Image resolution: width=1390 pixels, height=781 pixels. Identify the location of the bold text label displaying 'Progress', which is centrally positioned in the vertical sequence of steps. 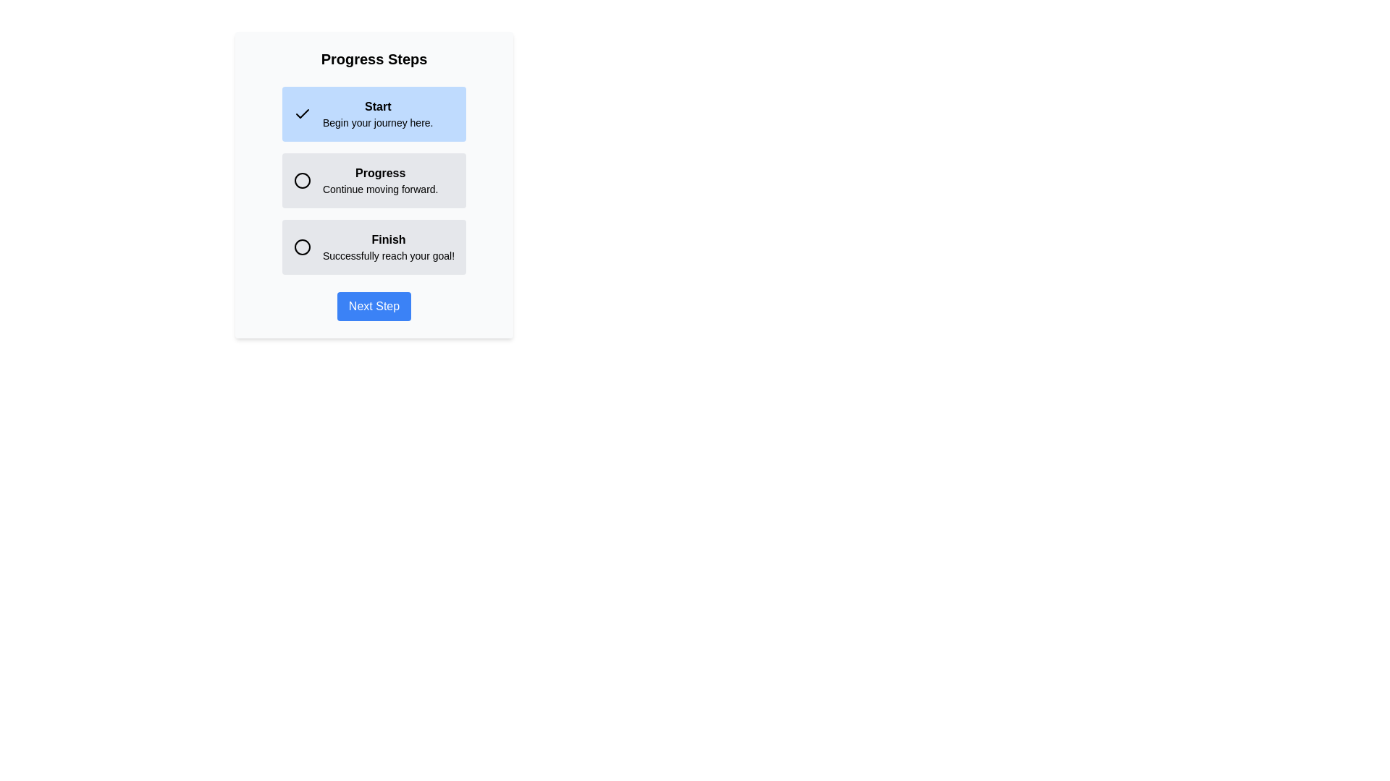
(380, 172).